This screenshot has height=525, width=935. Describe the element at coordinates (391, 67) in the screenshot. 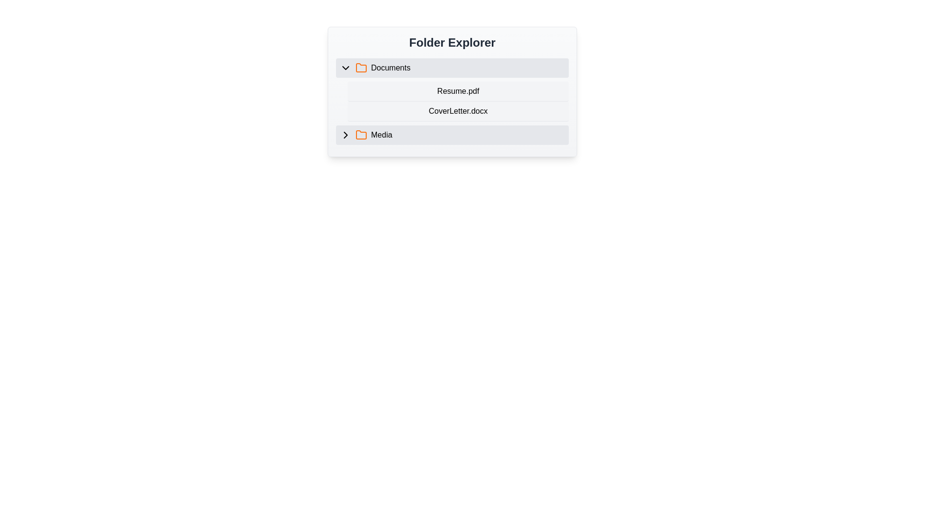

I see `text of the folder label positioned centrally within the interactive list item panel of the folder explorer interface, located to the right of an orange folder icon and below a chevron icon` at that location.